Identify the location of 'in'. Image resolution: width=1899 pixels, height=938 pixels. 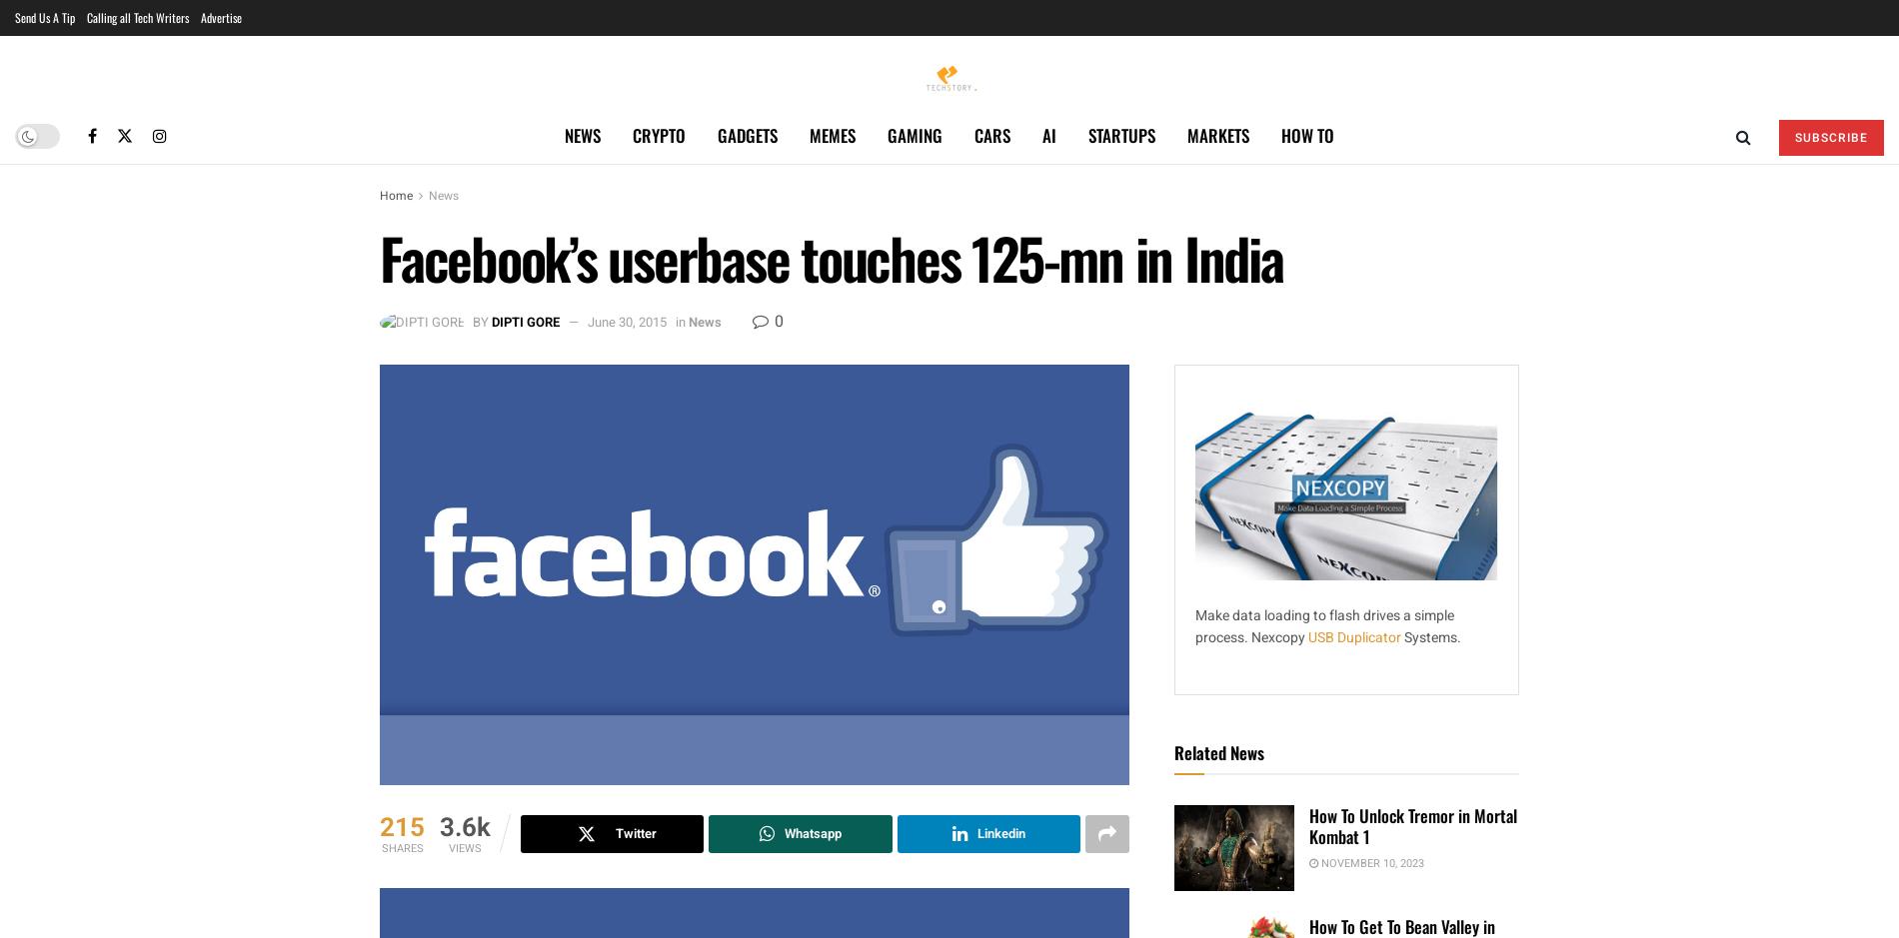
(676, 322).